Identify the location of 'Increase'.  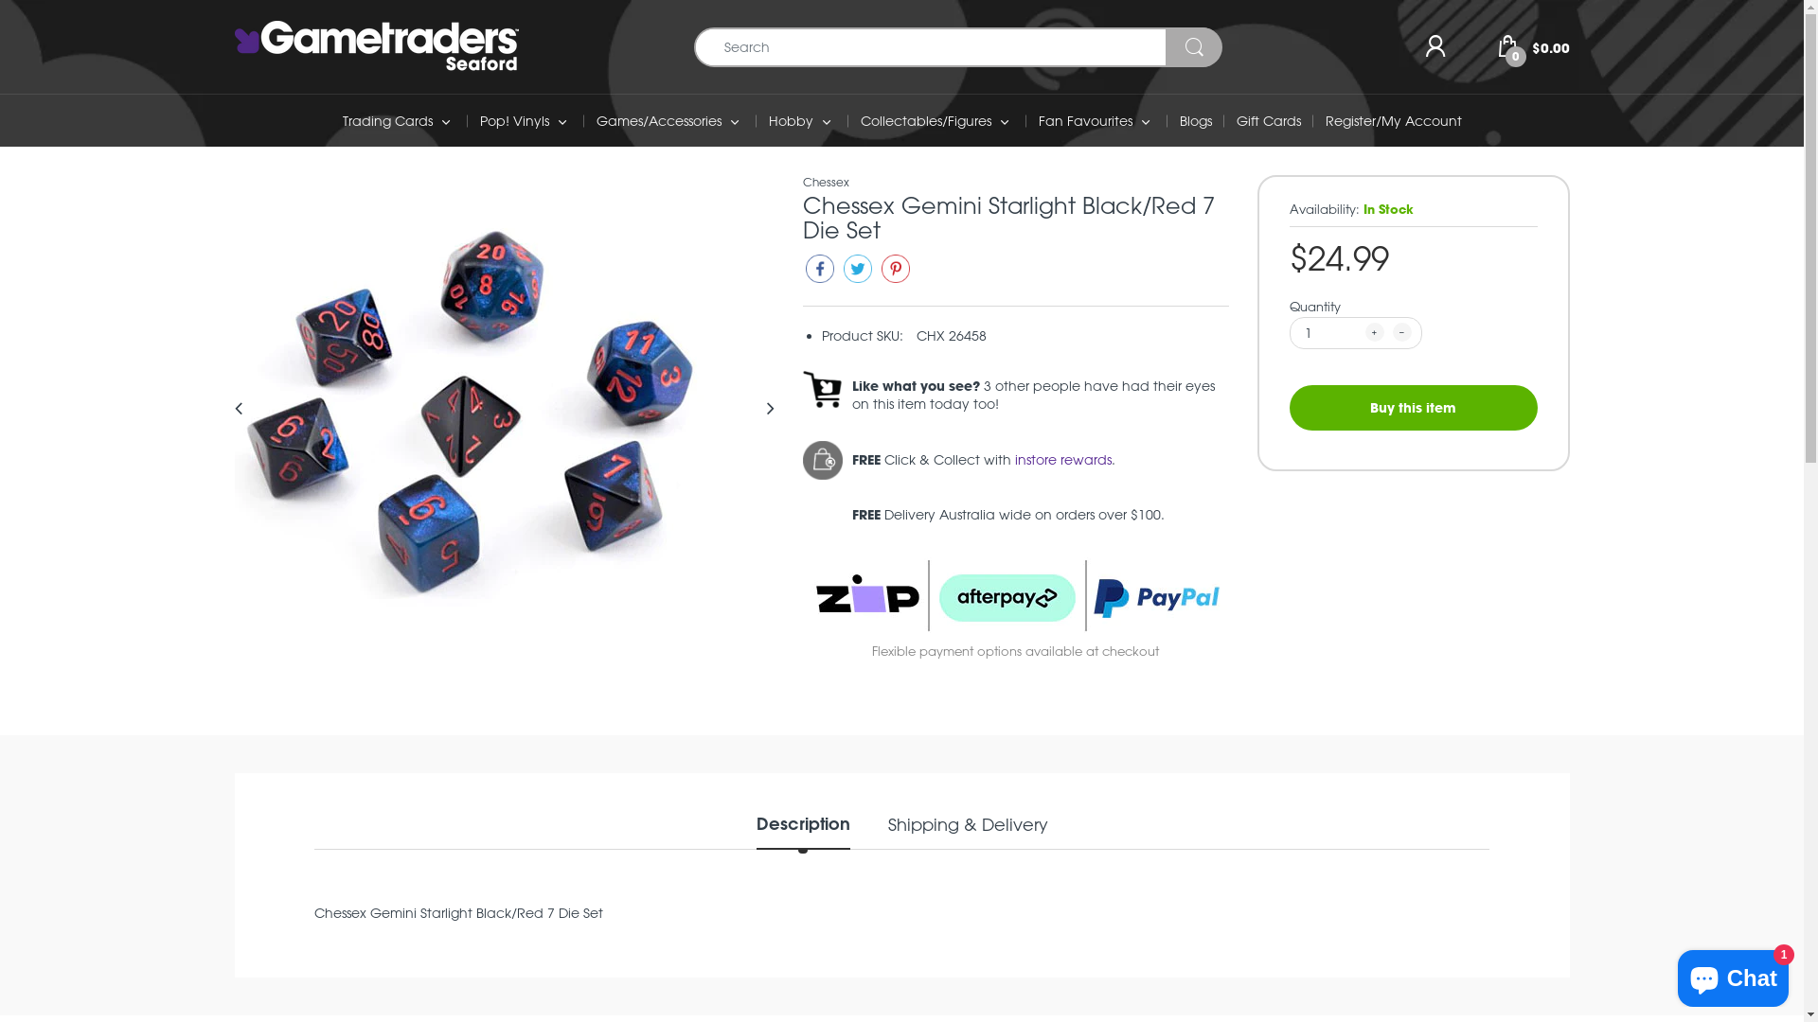
(1364, 330).